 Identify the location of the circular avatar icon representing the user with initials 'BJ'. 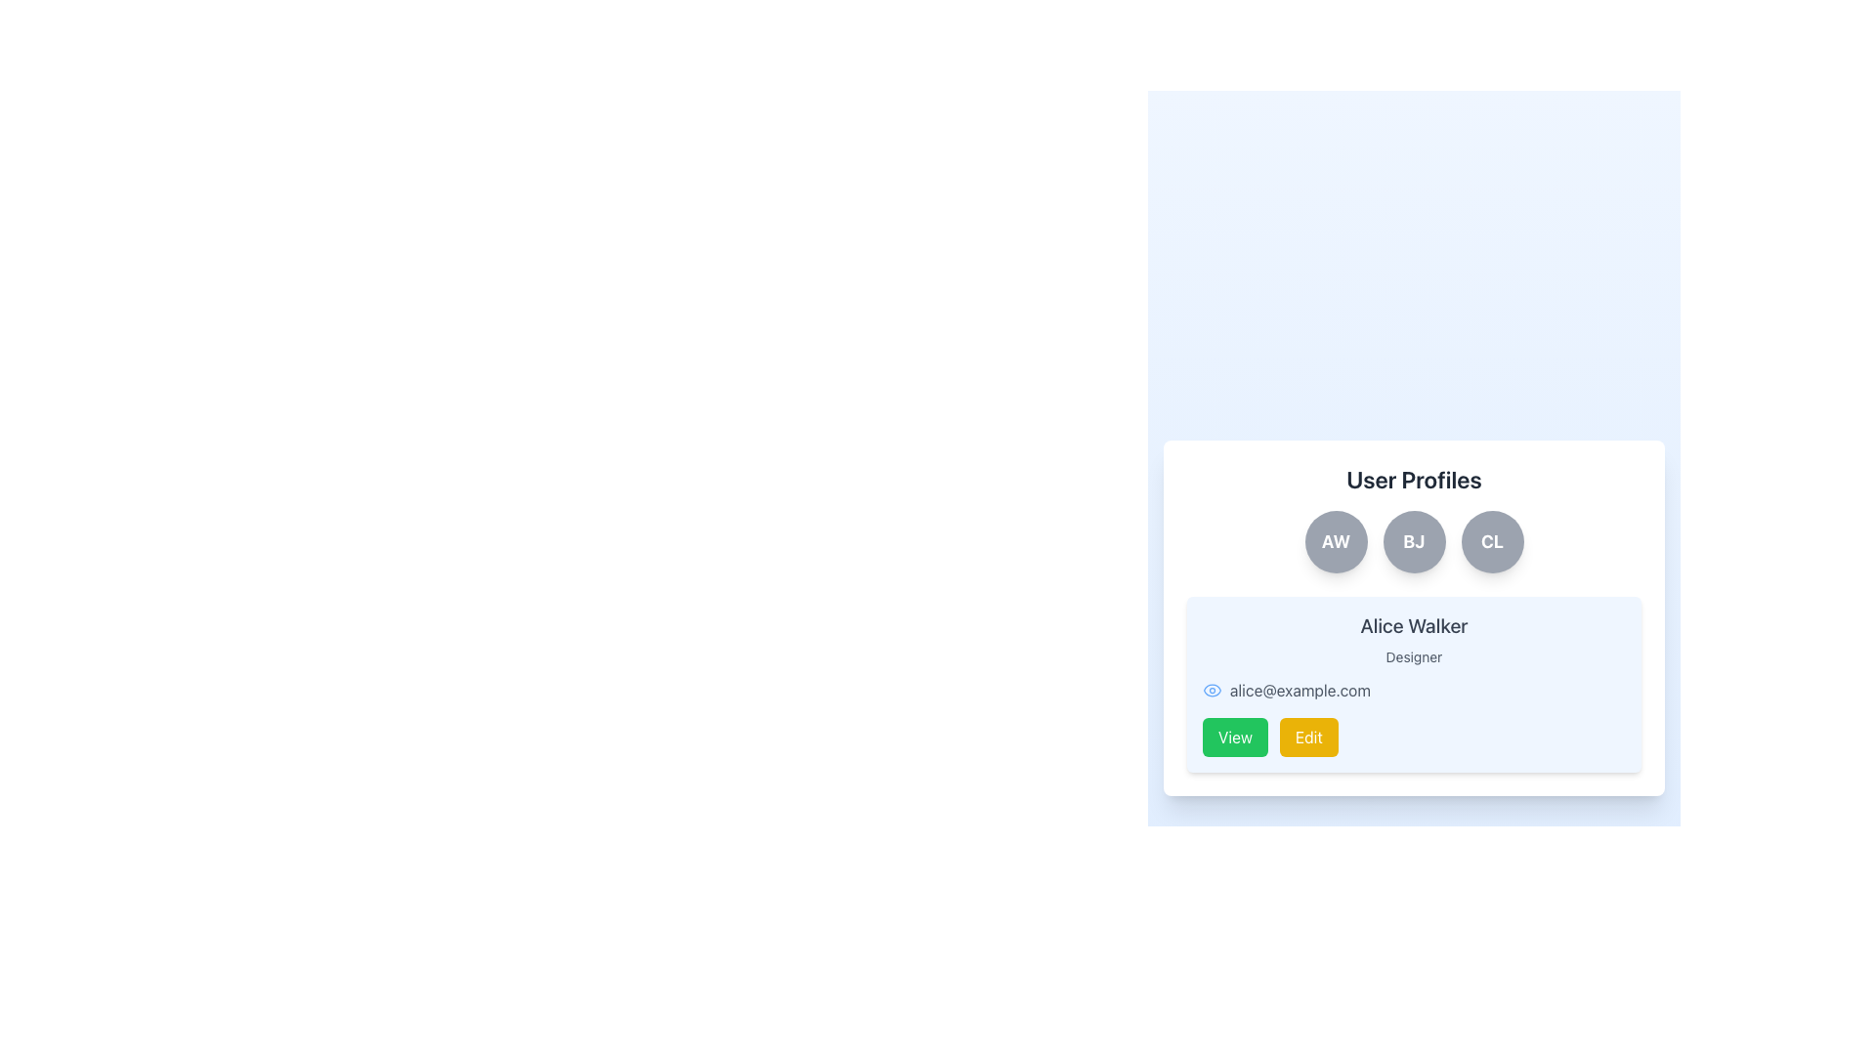
(1414, 542).